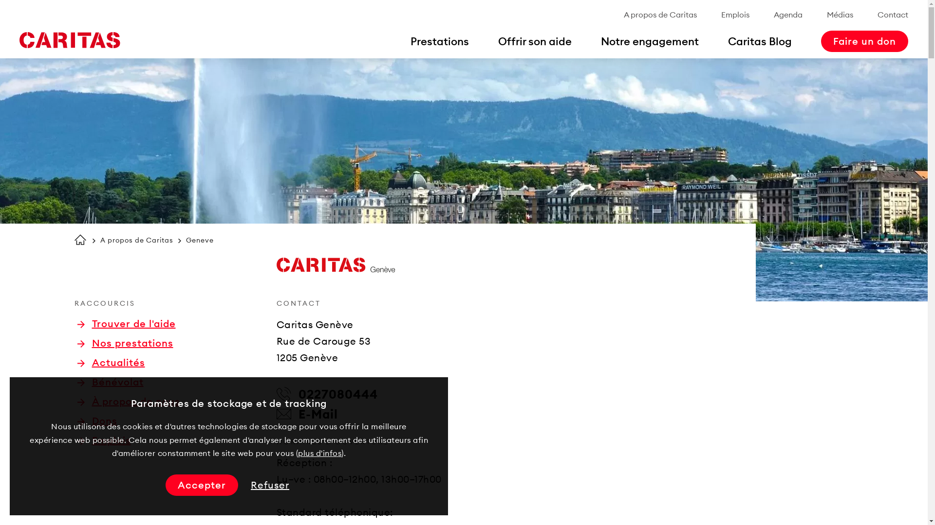  I want to click on '0227080444, so click(327, 394).